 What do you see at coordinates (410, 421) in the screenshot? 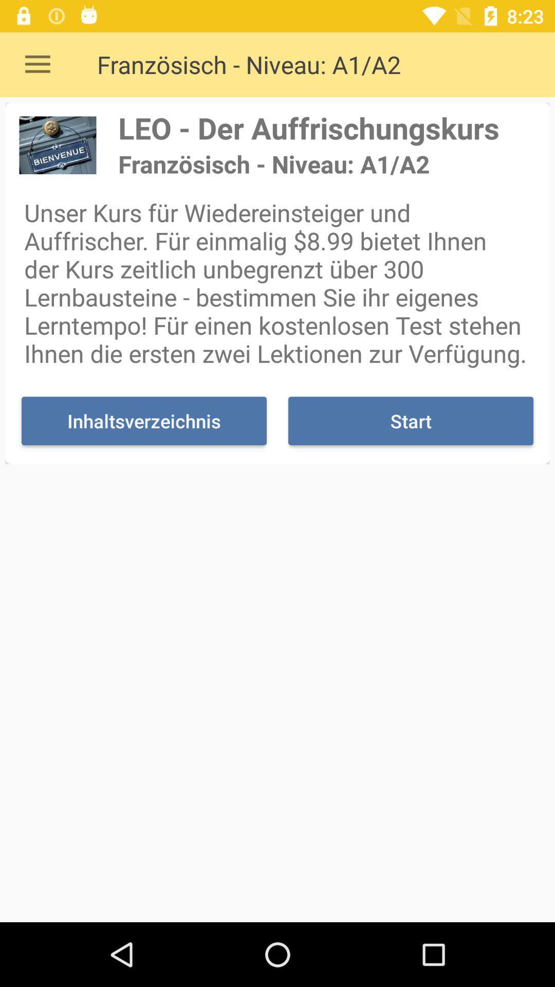
I see `start on the right` at bounding box center [410, 421].